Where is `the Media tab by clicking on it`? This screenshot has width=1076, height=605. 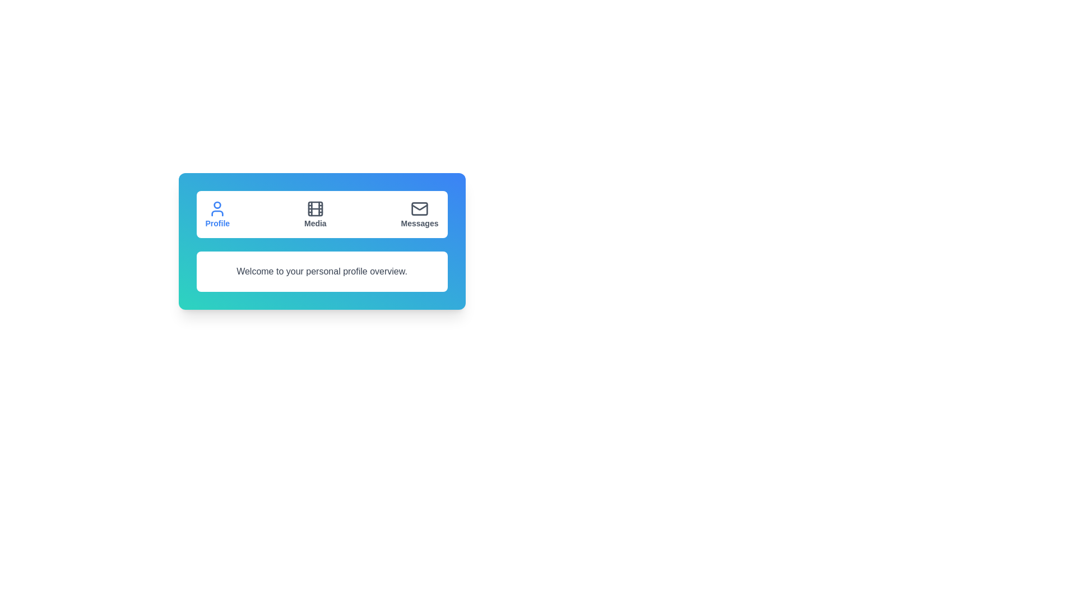
the Media tab by clicking on it is located at coordinates (314, 214).